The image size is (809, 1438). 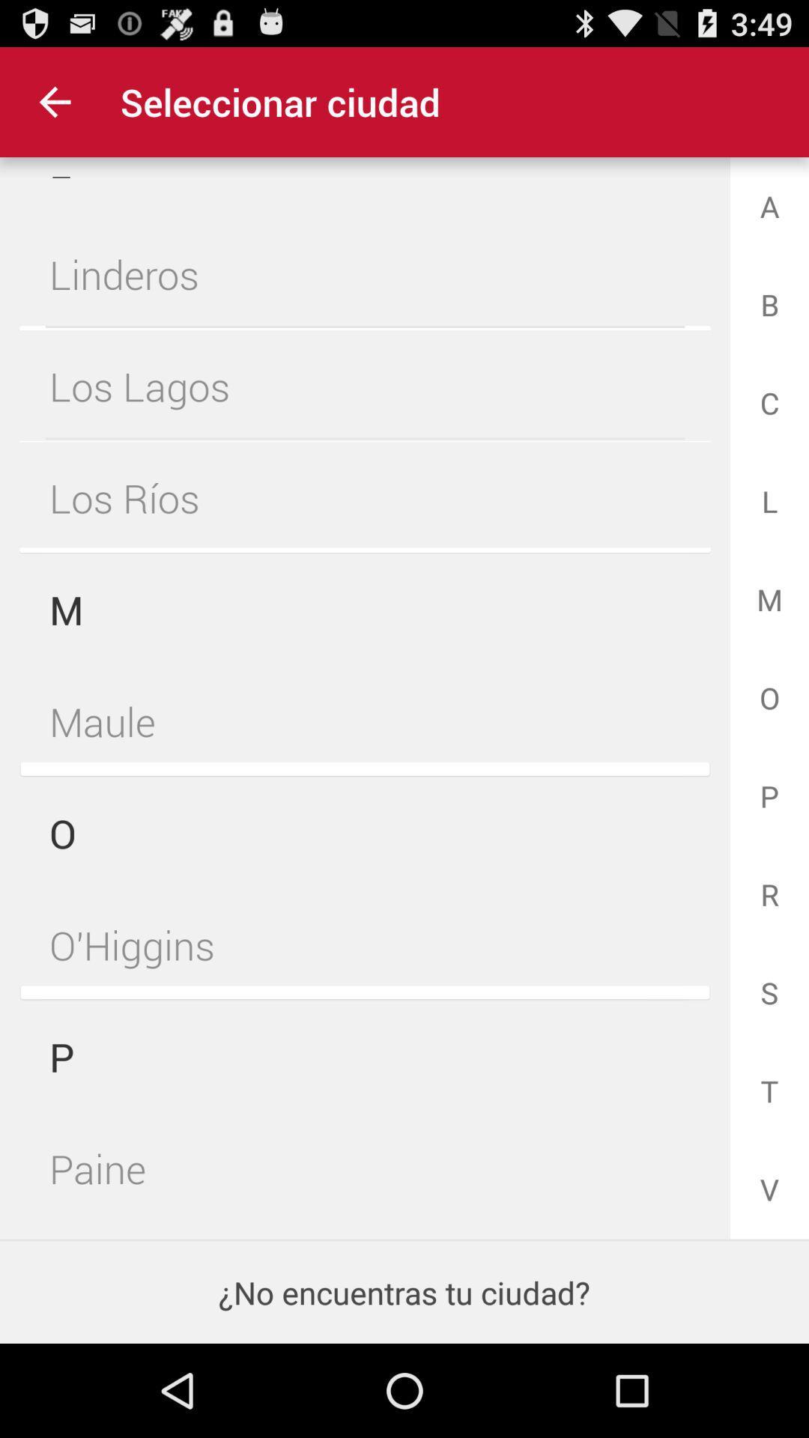 I want to click on o'higgins icon, so click(x=365, y=944).